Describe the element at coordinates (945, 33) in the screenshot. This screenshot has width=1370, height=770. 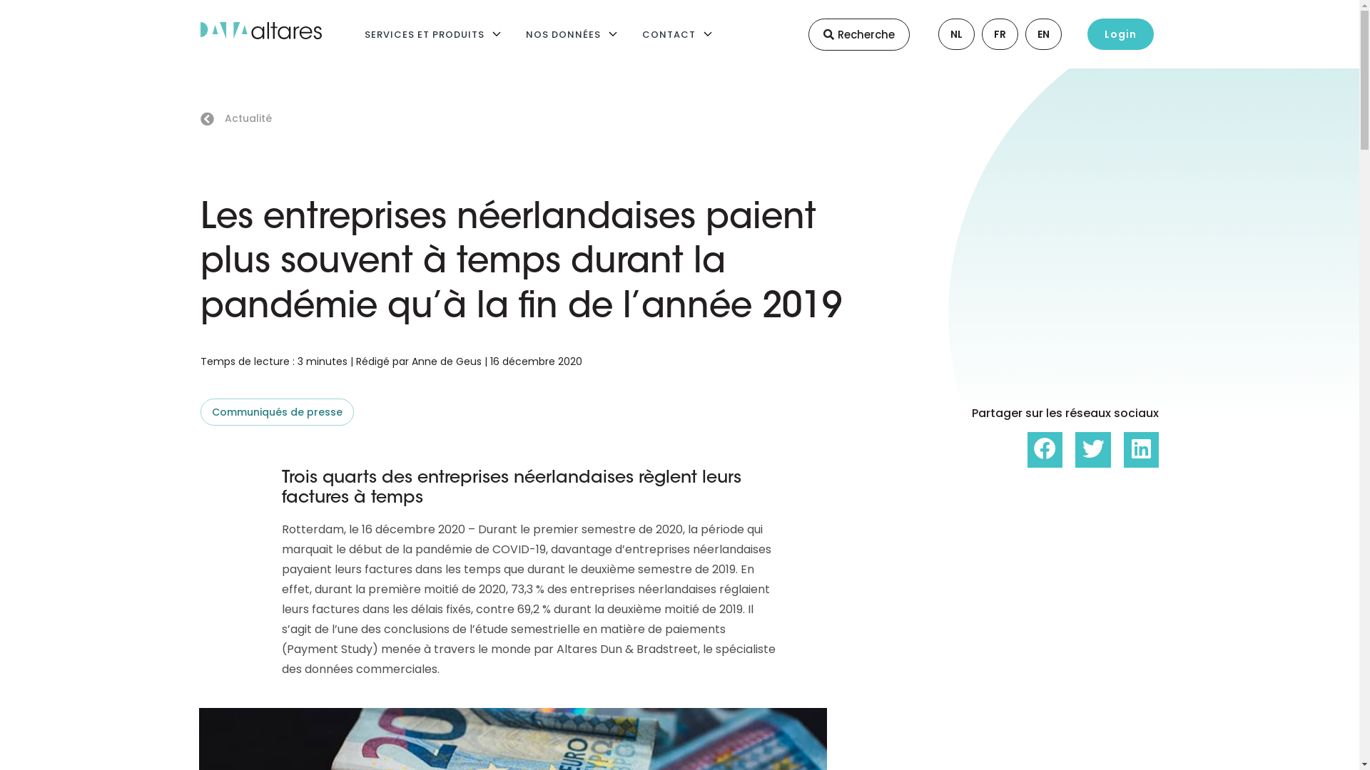
I see `'NL'` at that location.